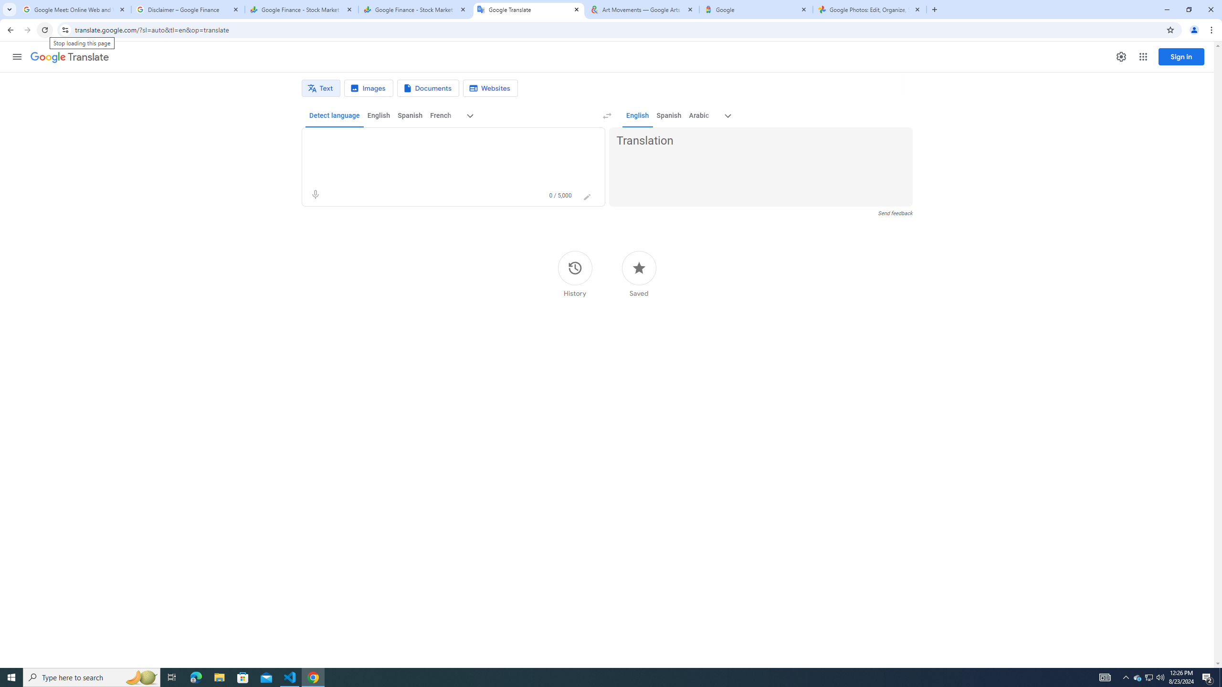 The image size is (1222, 687). I want to click on 'Website translation', so click(490, 88).